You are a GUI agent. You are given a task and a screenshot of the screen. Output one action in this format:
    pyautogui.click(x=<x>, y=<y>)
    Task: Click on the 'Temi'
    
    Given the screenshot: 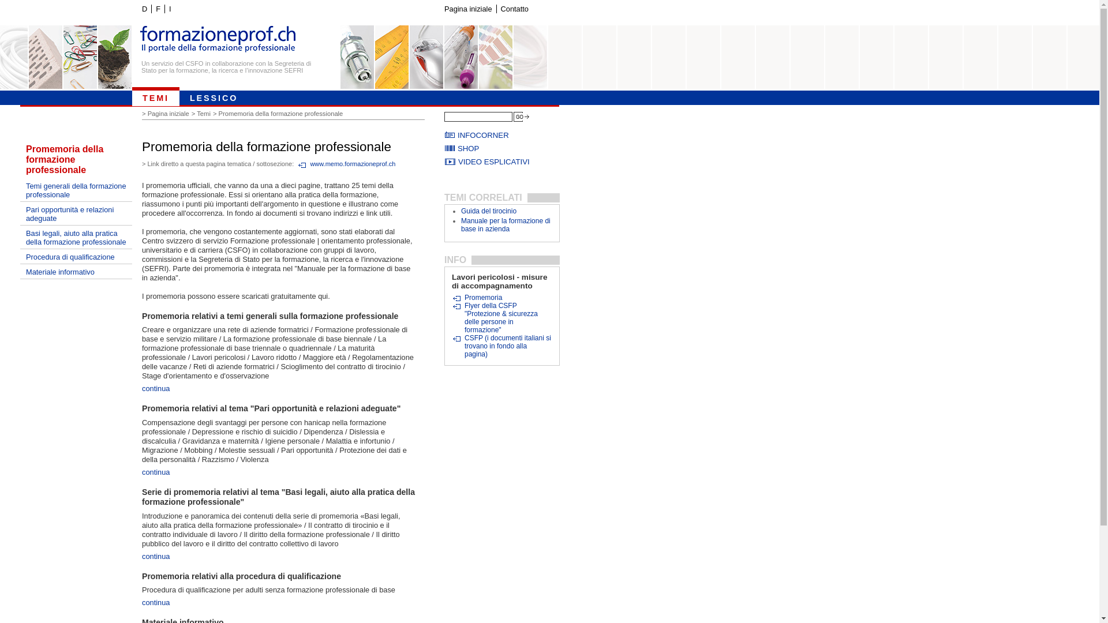 What is the action you would take?
    pyautogui.click(x=205, y=113)
    